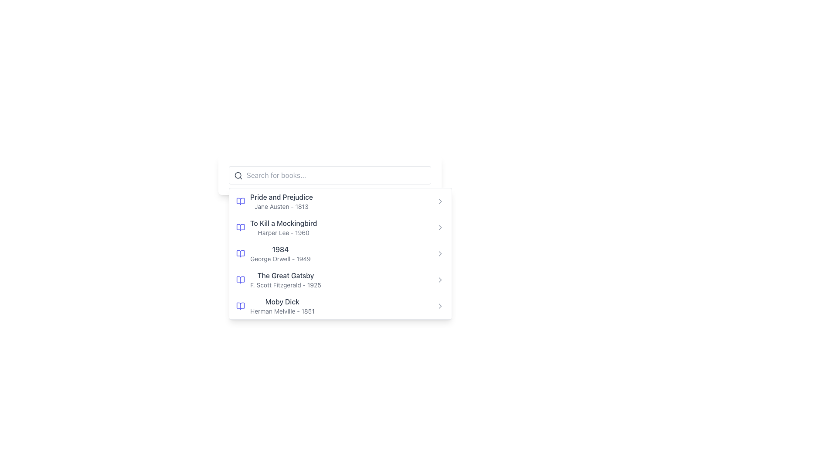 The height and width of the screenshot is (471, 837). Describe the element at coordinates (274, 201) in the screenshot. I see `to select the list item containing the book 'Pride and Prejudice' by Jane Austen, which features an indigo open-book icon and is positioned above 'To Kill a Mockingbird'` at that location.